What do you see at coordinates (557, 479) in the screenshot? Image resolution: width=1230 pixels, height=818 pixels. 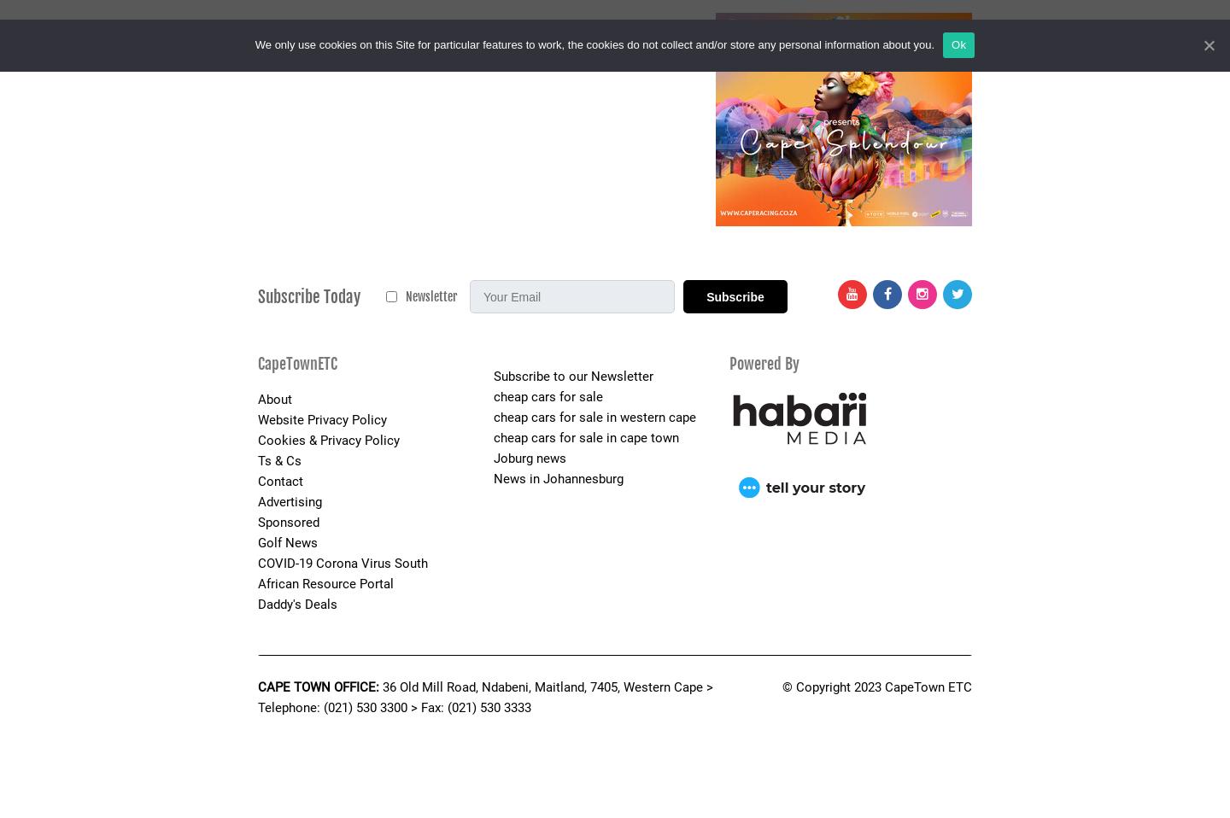 I see `'News in Johannesburg'` at bounding box center [557, 479].